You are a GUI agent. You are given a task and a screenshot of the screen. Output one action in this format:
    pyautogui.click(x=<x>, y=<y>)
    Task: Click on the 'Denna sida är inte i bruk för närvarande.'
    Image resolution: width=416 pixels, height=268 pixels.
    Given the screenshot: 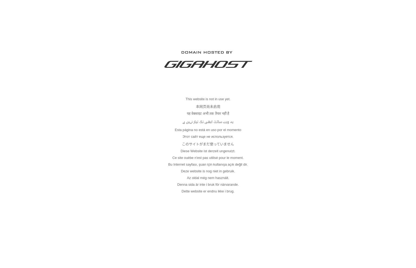 What is the action you would take?
    pyautogui.click(x=208, y=184)
    